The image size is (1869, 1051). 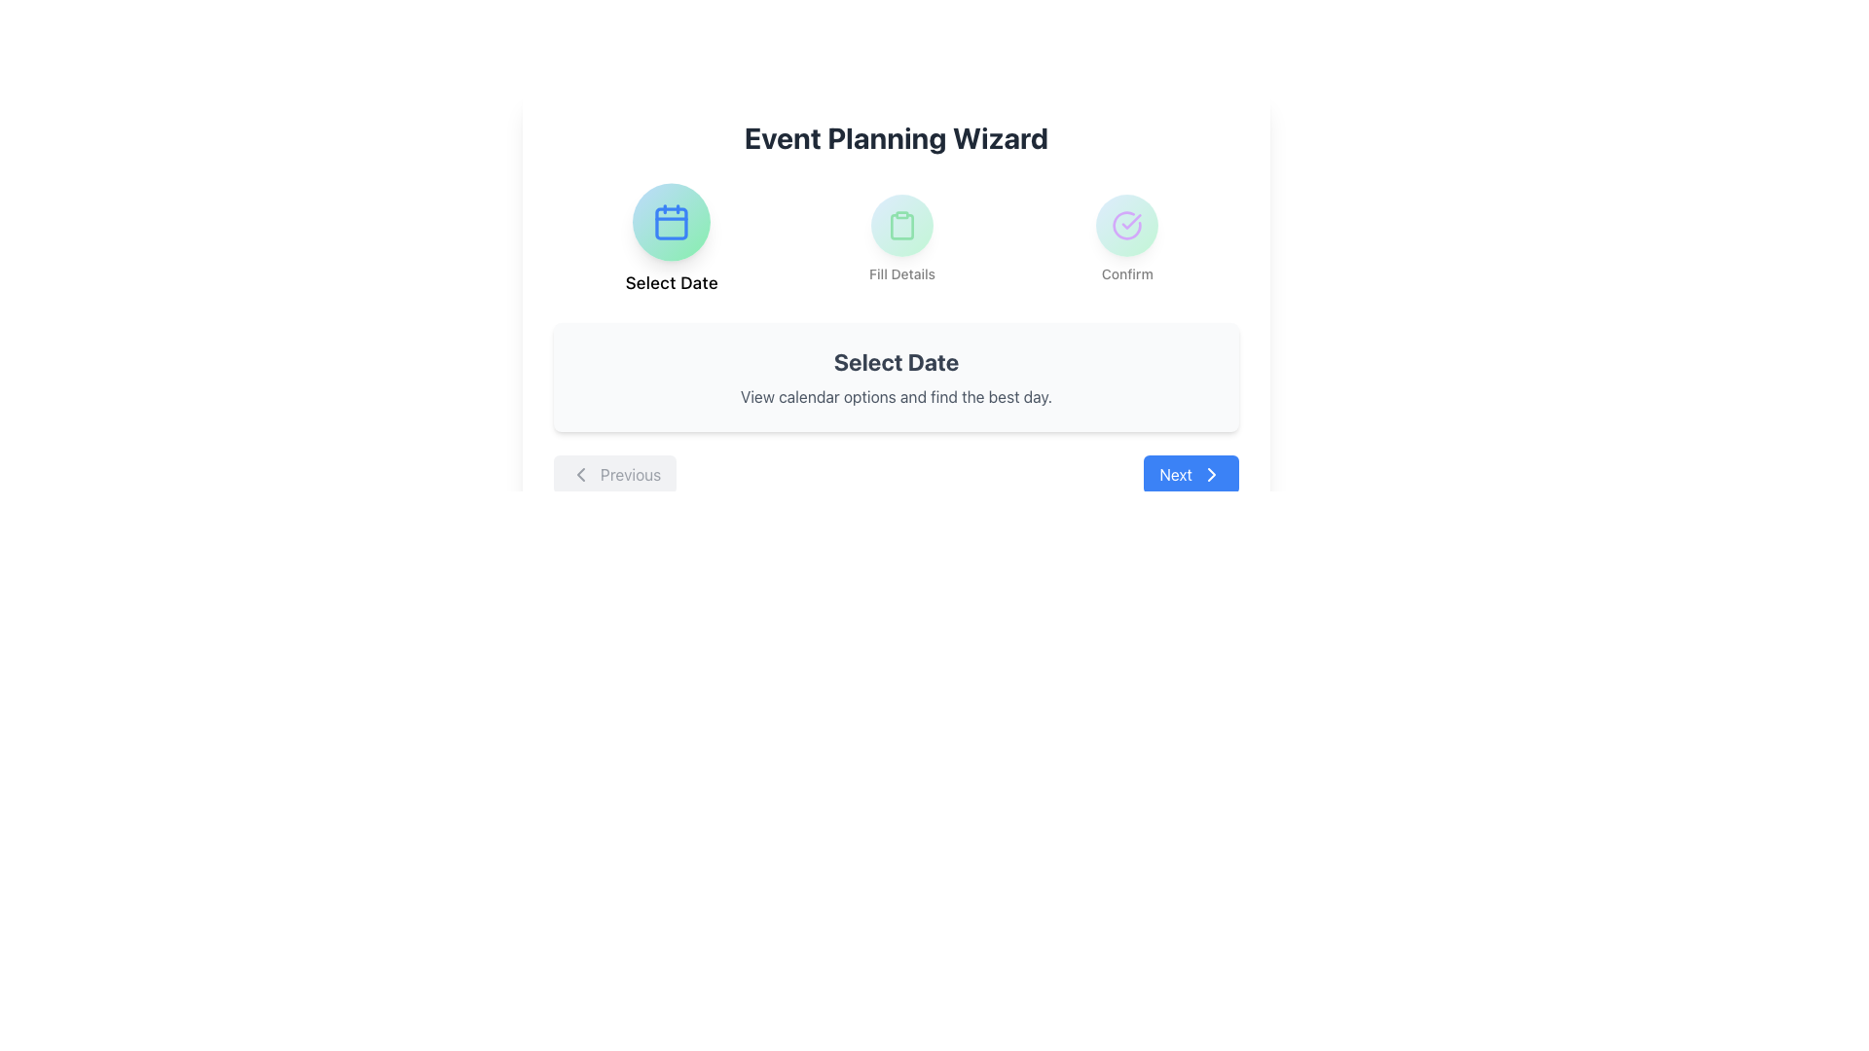 What do you see at coordinates (1127, 224) in the screenshot?
I see `the circular UI component with a gradient background and a purple checkmark icon, located in the top-right section under 'Event Planning Wizard', labeled 'Confirm'` at bounding box center [1127, 224].